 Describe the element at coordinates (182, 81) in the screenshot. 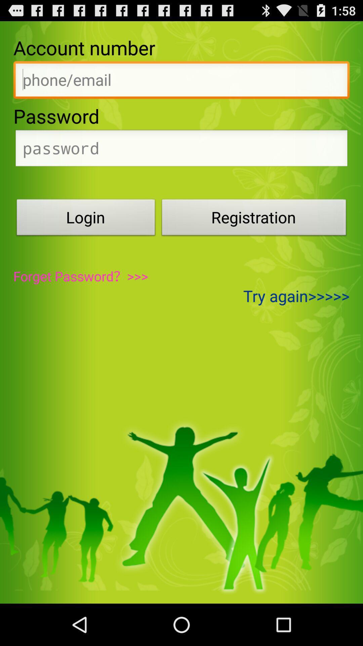

I see `put in email` at that location.